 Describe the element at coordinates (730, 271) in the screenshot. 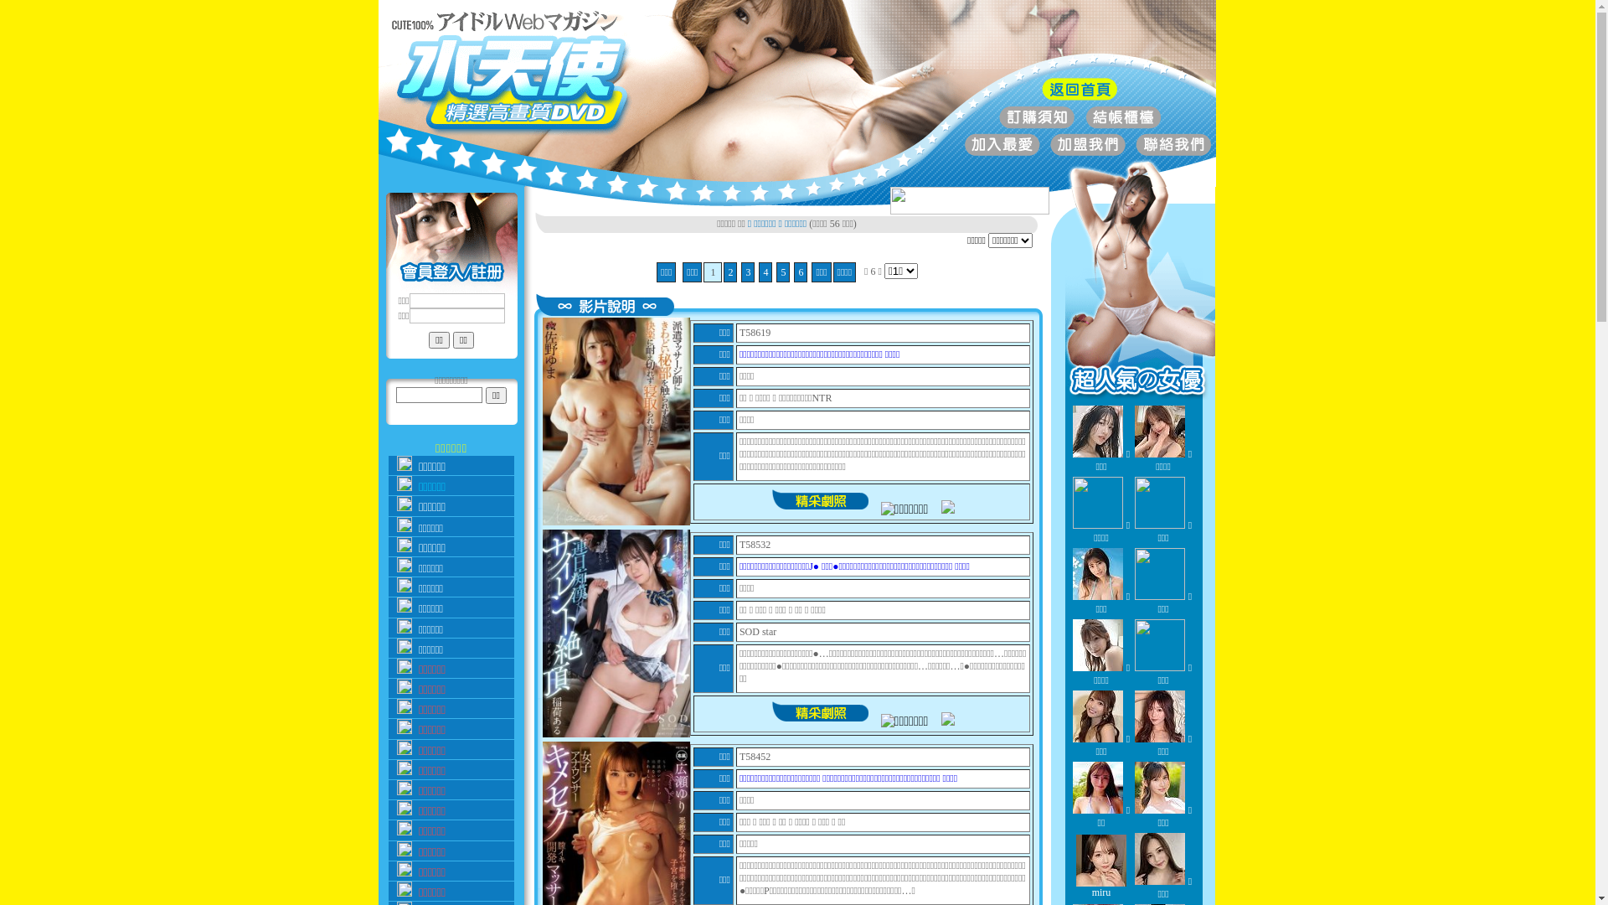

I see `'2'` at that location.